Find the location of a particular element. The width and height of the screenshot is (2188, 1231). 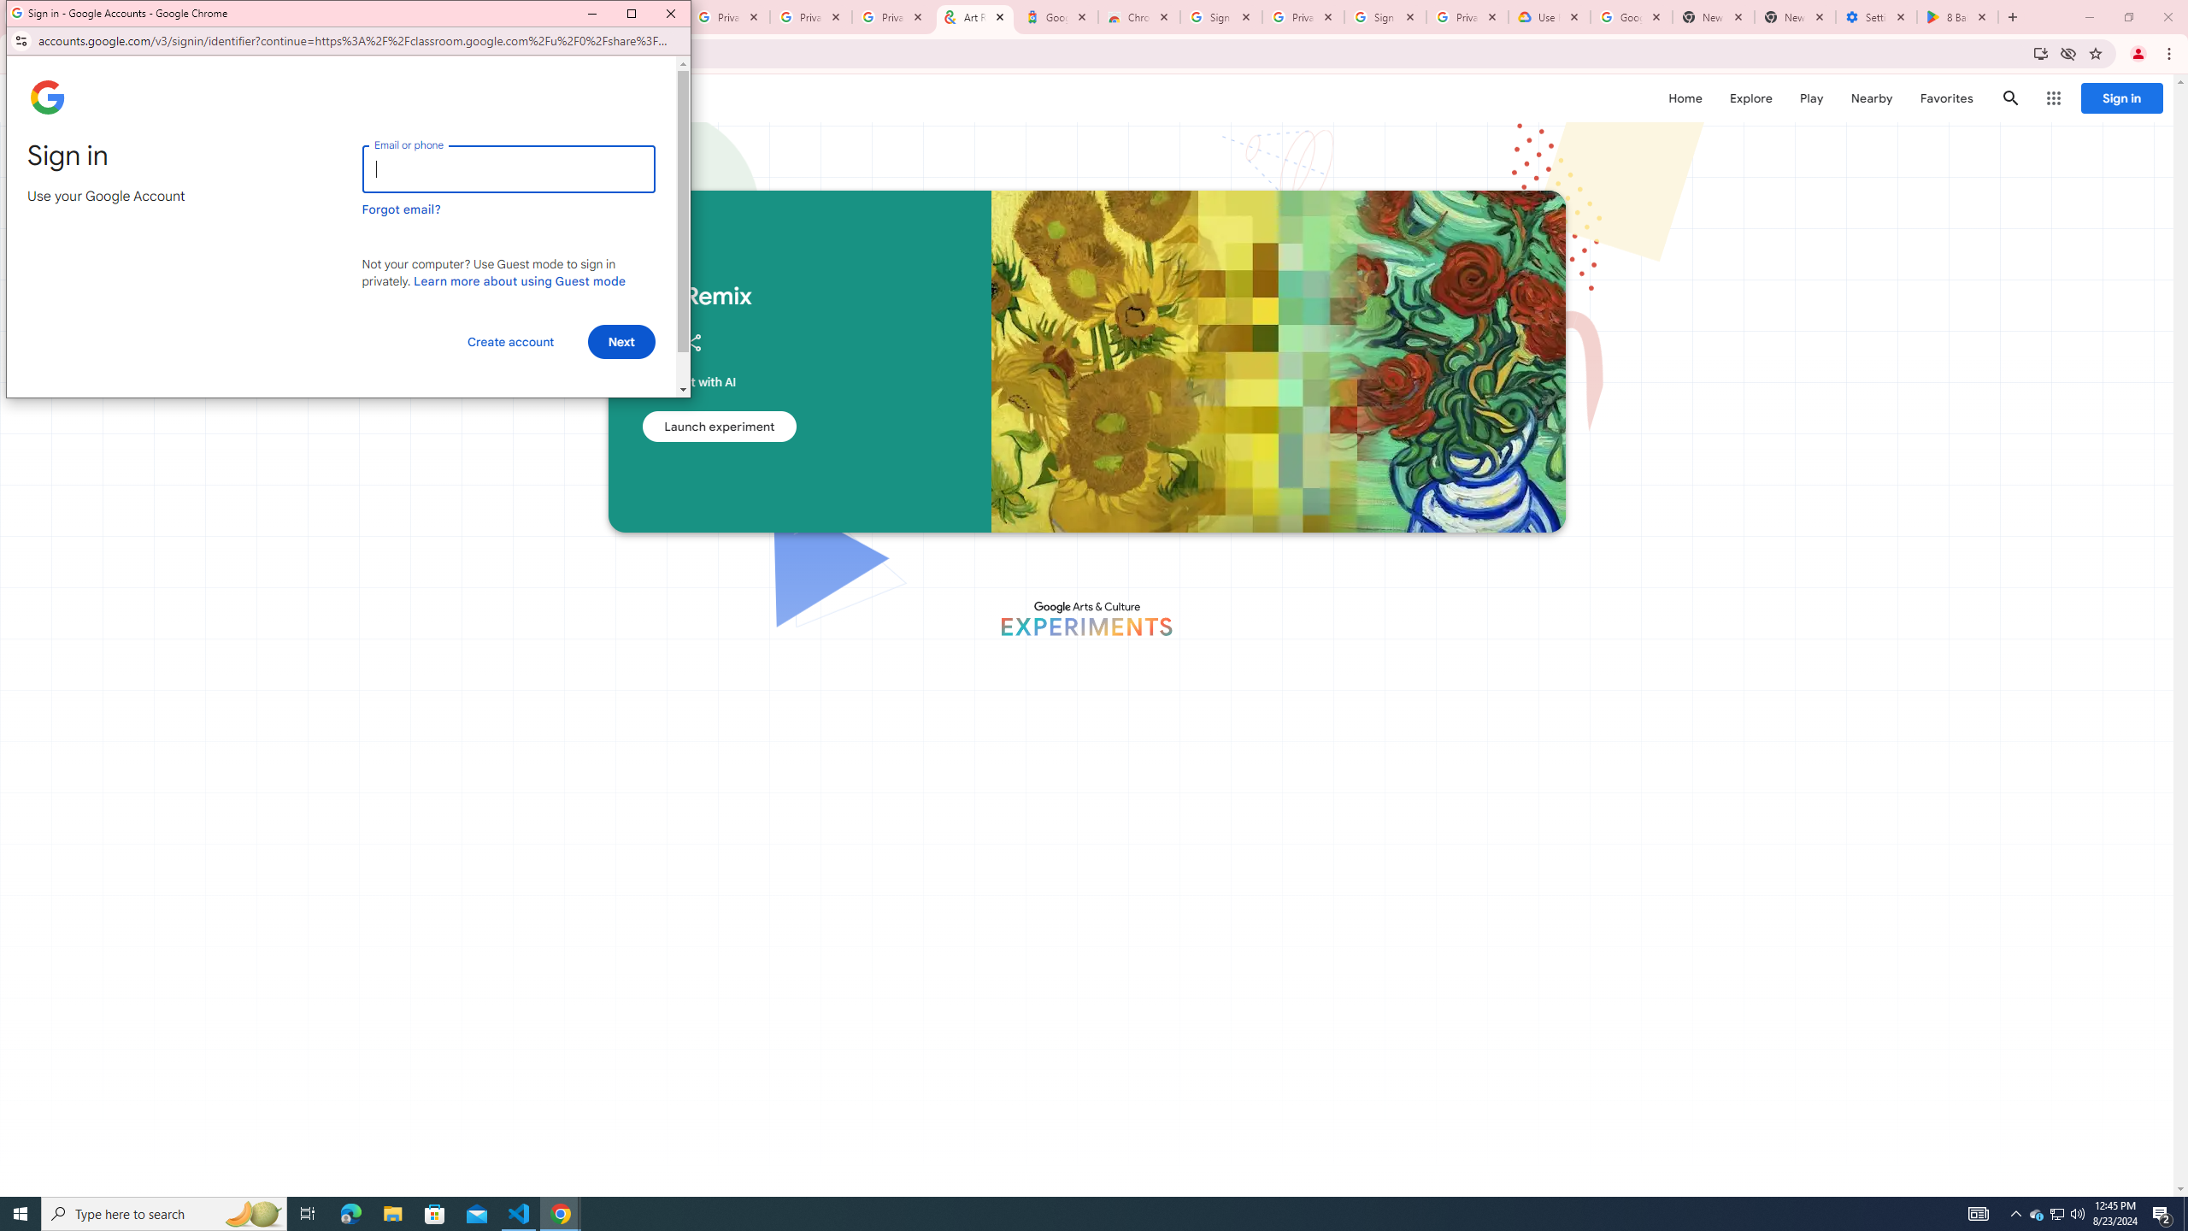

'Privacy Checkup' is located at coordinates (891, 16).